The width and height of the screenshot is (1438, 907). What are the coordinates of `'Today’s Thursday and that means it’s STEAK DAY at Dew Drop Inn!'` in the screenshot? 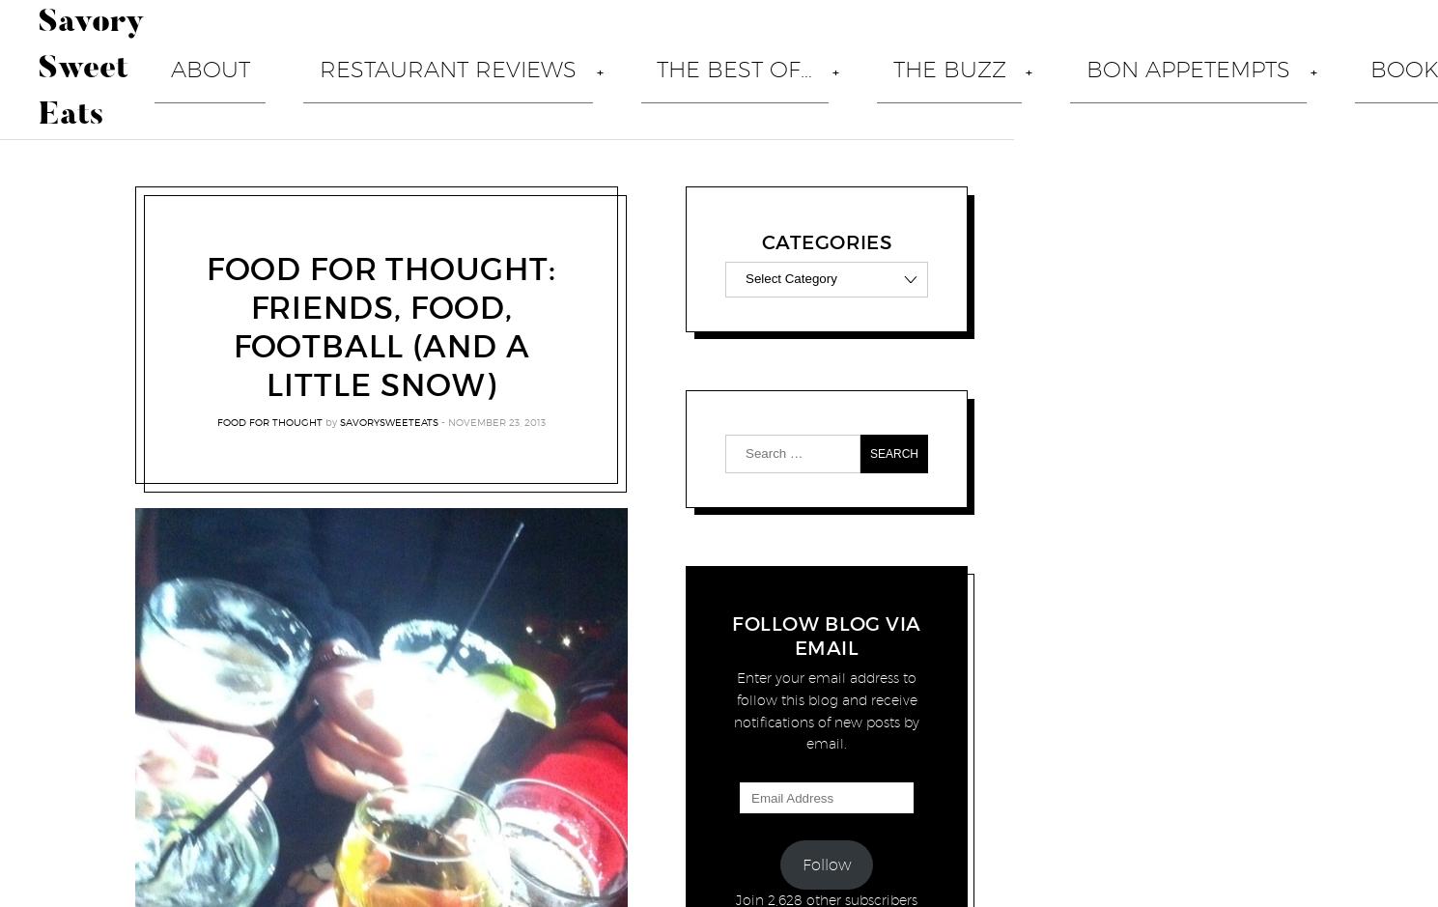 It's located at (715, 847).